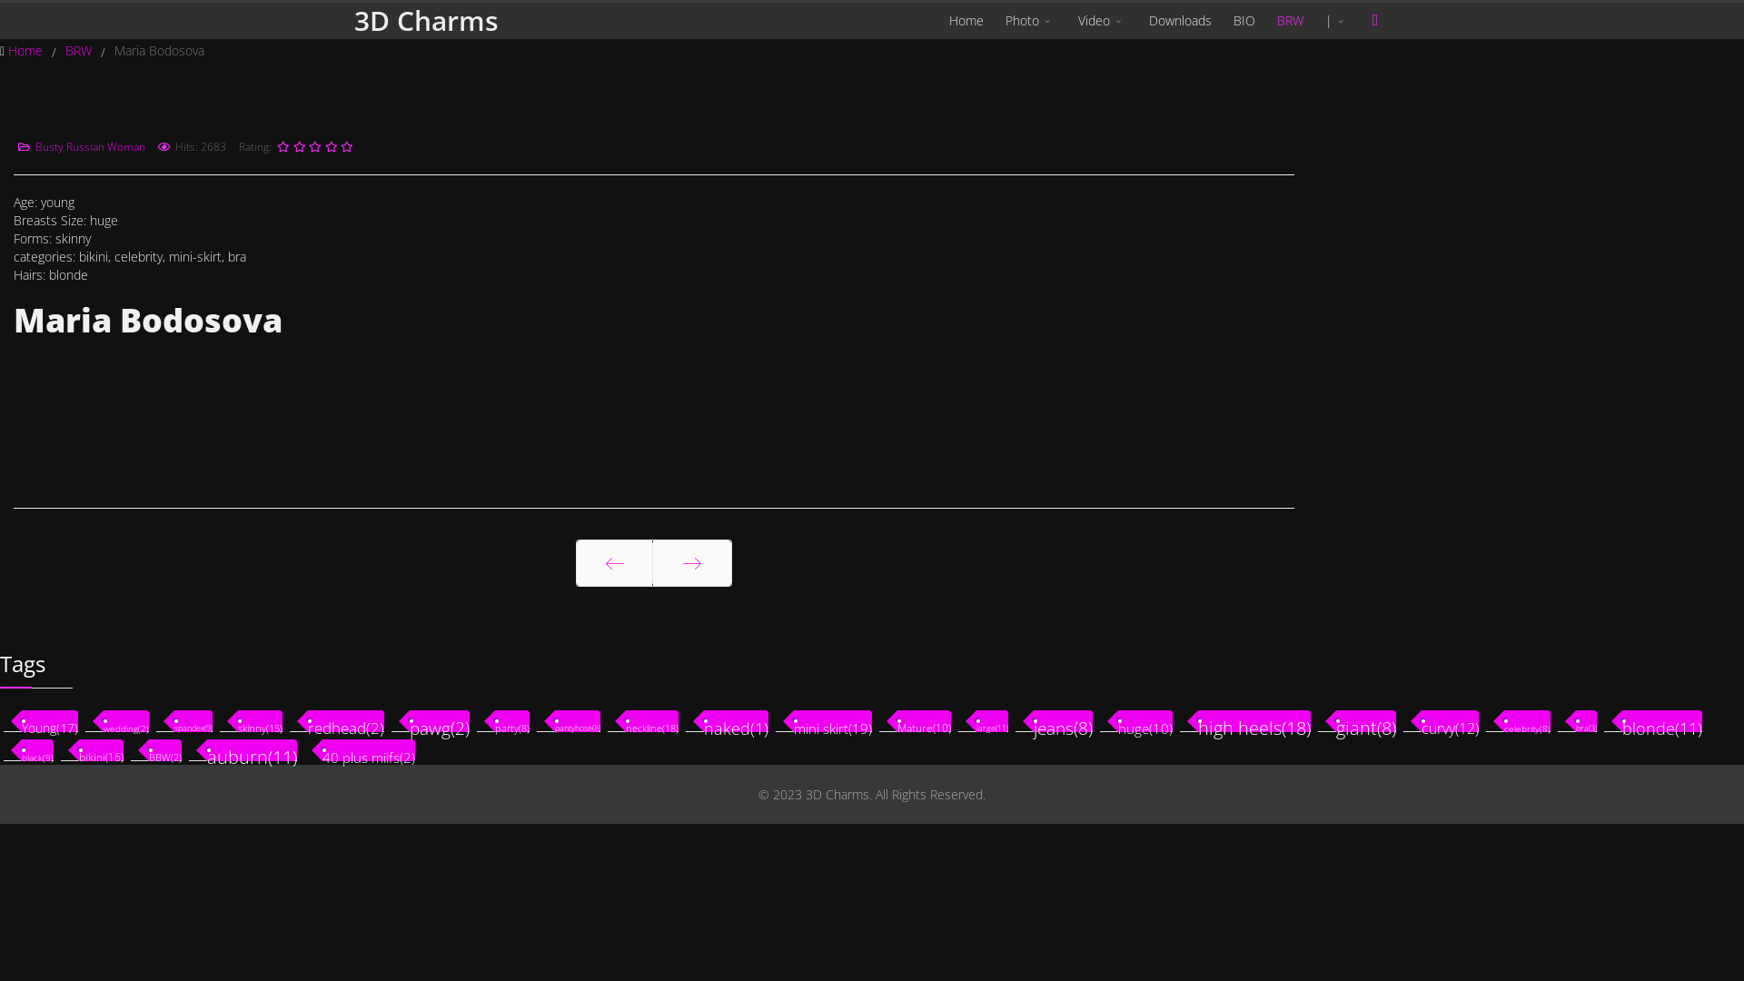 The width and height of the screenshot is (1744, 981). I want to click on 'pawg(2)', so click(409, 720).